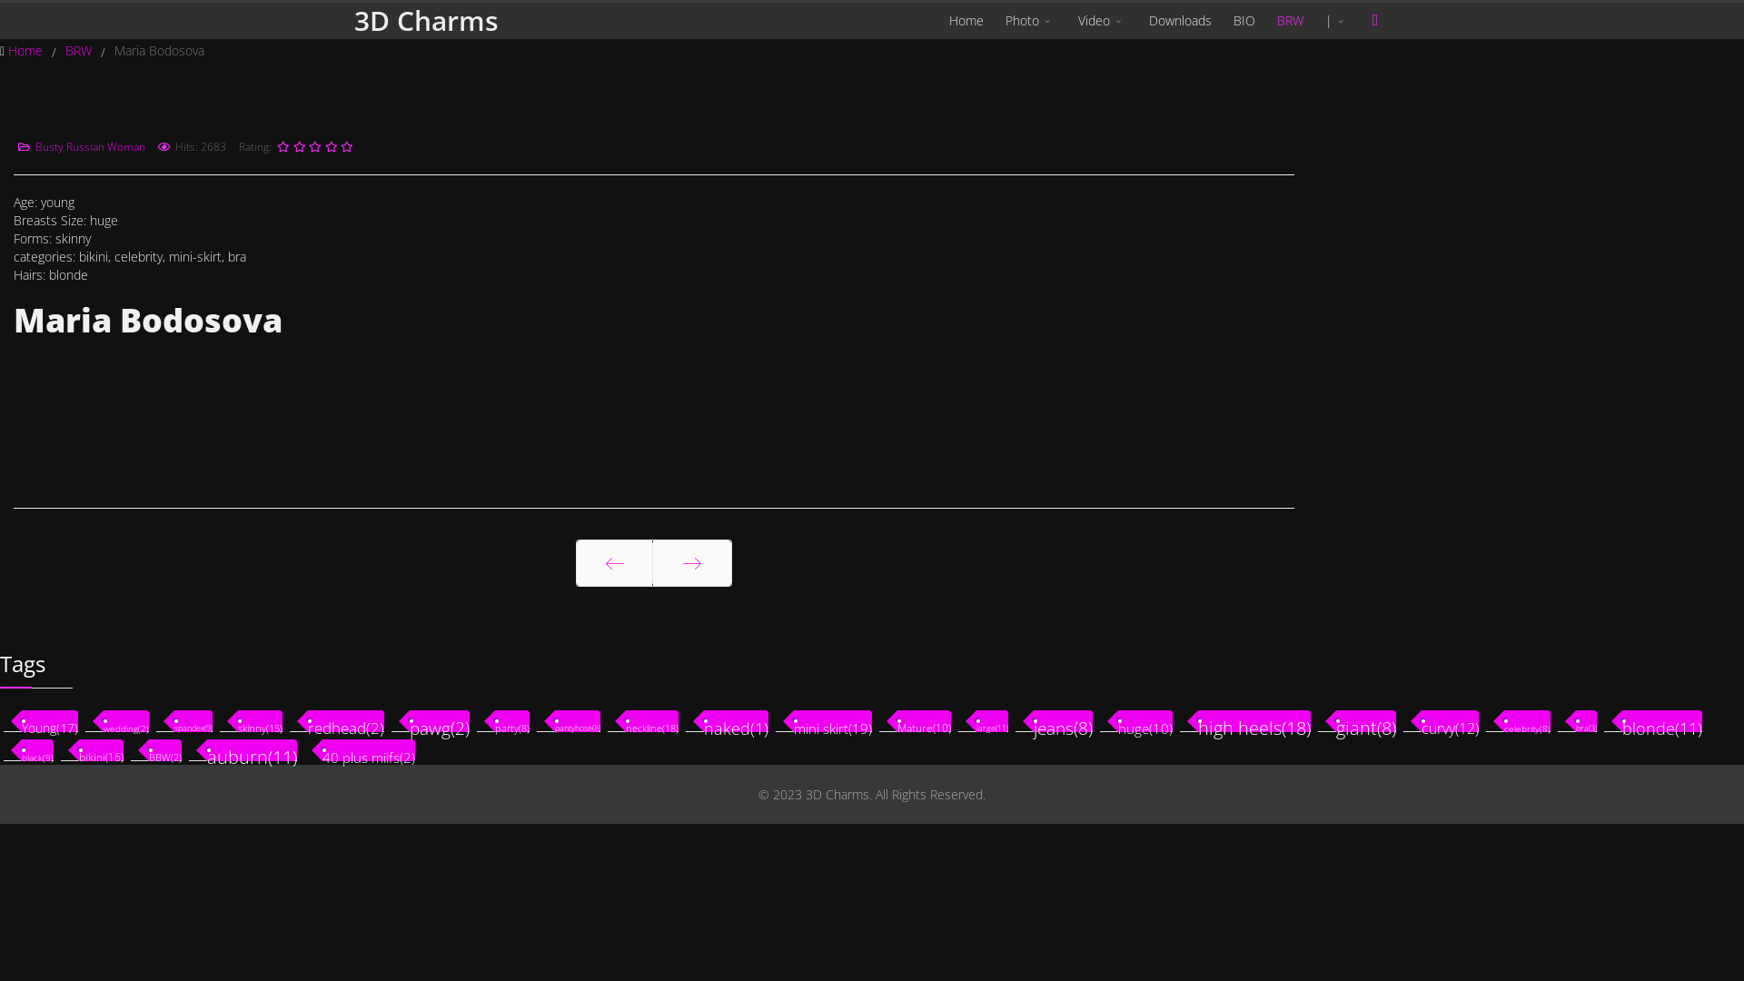 The width and height of the screenshot is (1744, 981). I want to click on 'pawg(2)', so click(409, 720).